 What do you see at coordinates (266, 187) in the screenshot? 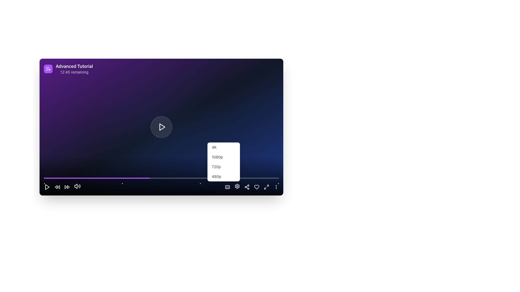
I see `the maximize button located at the bottom-right corner of the interface, which is the seventh interactive component in the row of icons, situated after a heart icon` at bounding box center [266, 187].